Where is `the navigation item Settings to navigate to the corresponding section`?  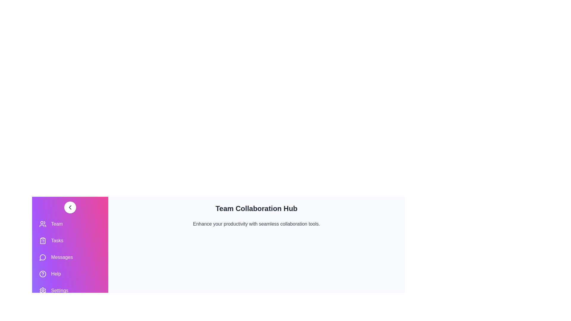
the navigation item Settings to navigate to the corresponding section is located at coordinates (70, 290).